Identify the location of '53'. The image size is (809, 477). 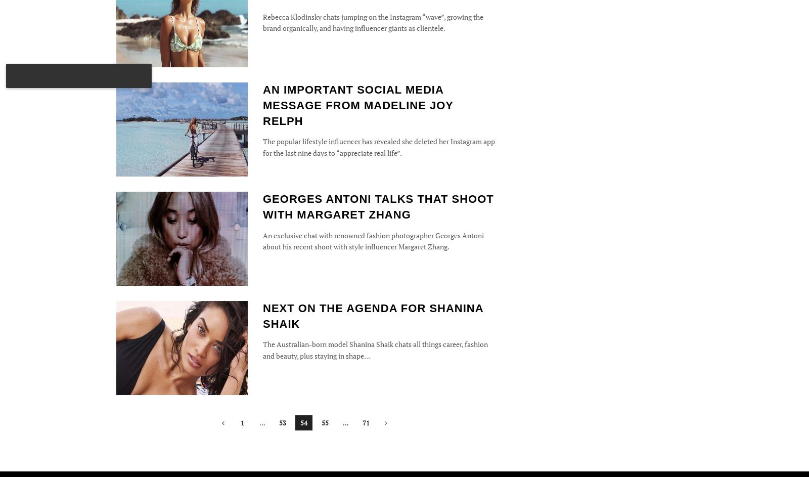
(282, 422).